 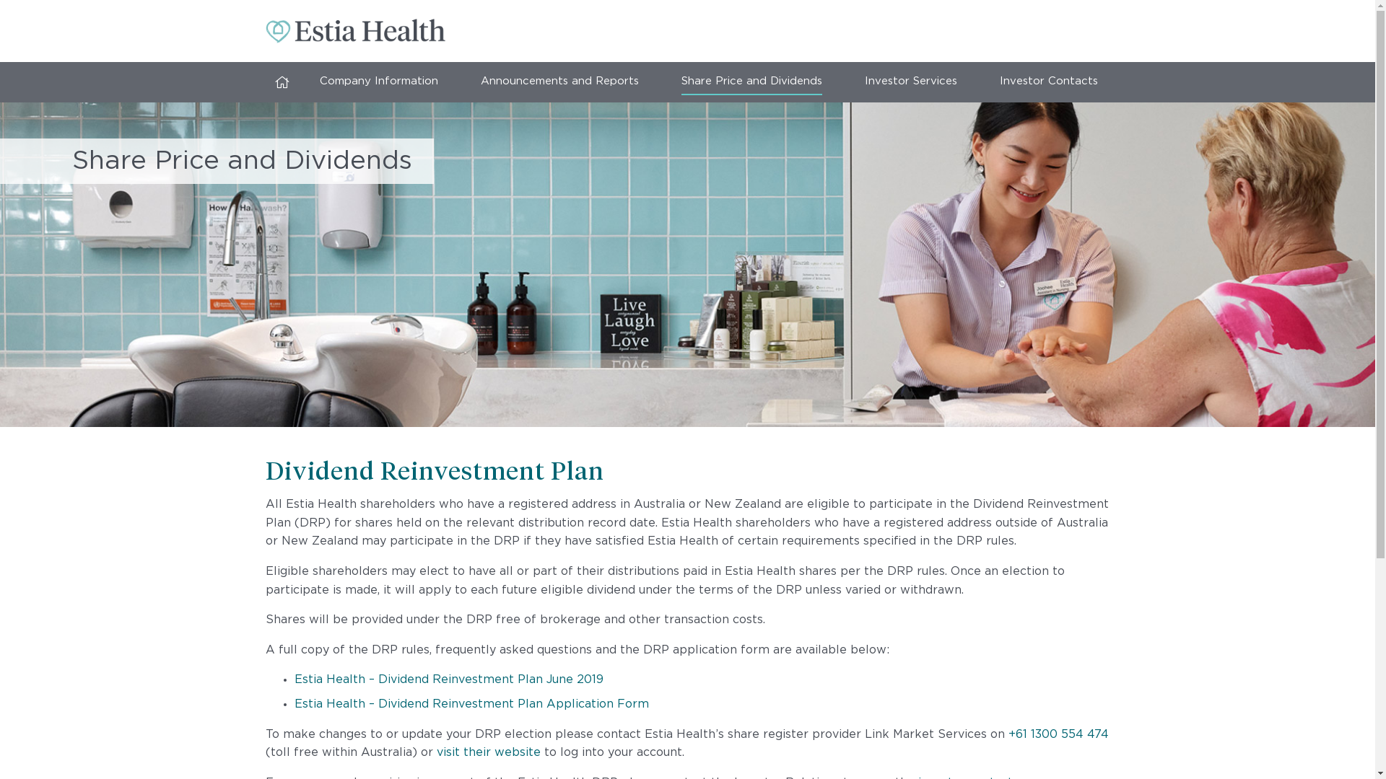 I want to click on 'Announcements and Reports', so click(x=559, y=82).